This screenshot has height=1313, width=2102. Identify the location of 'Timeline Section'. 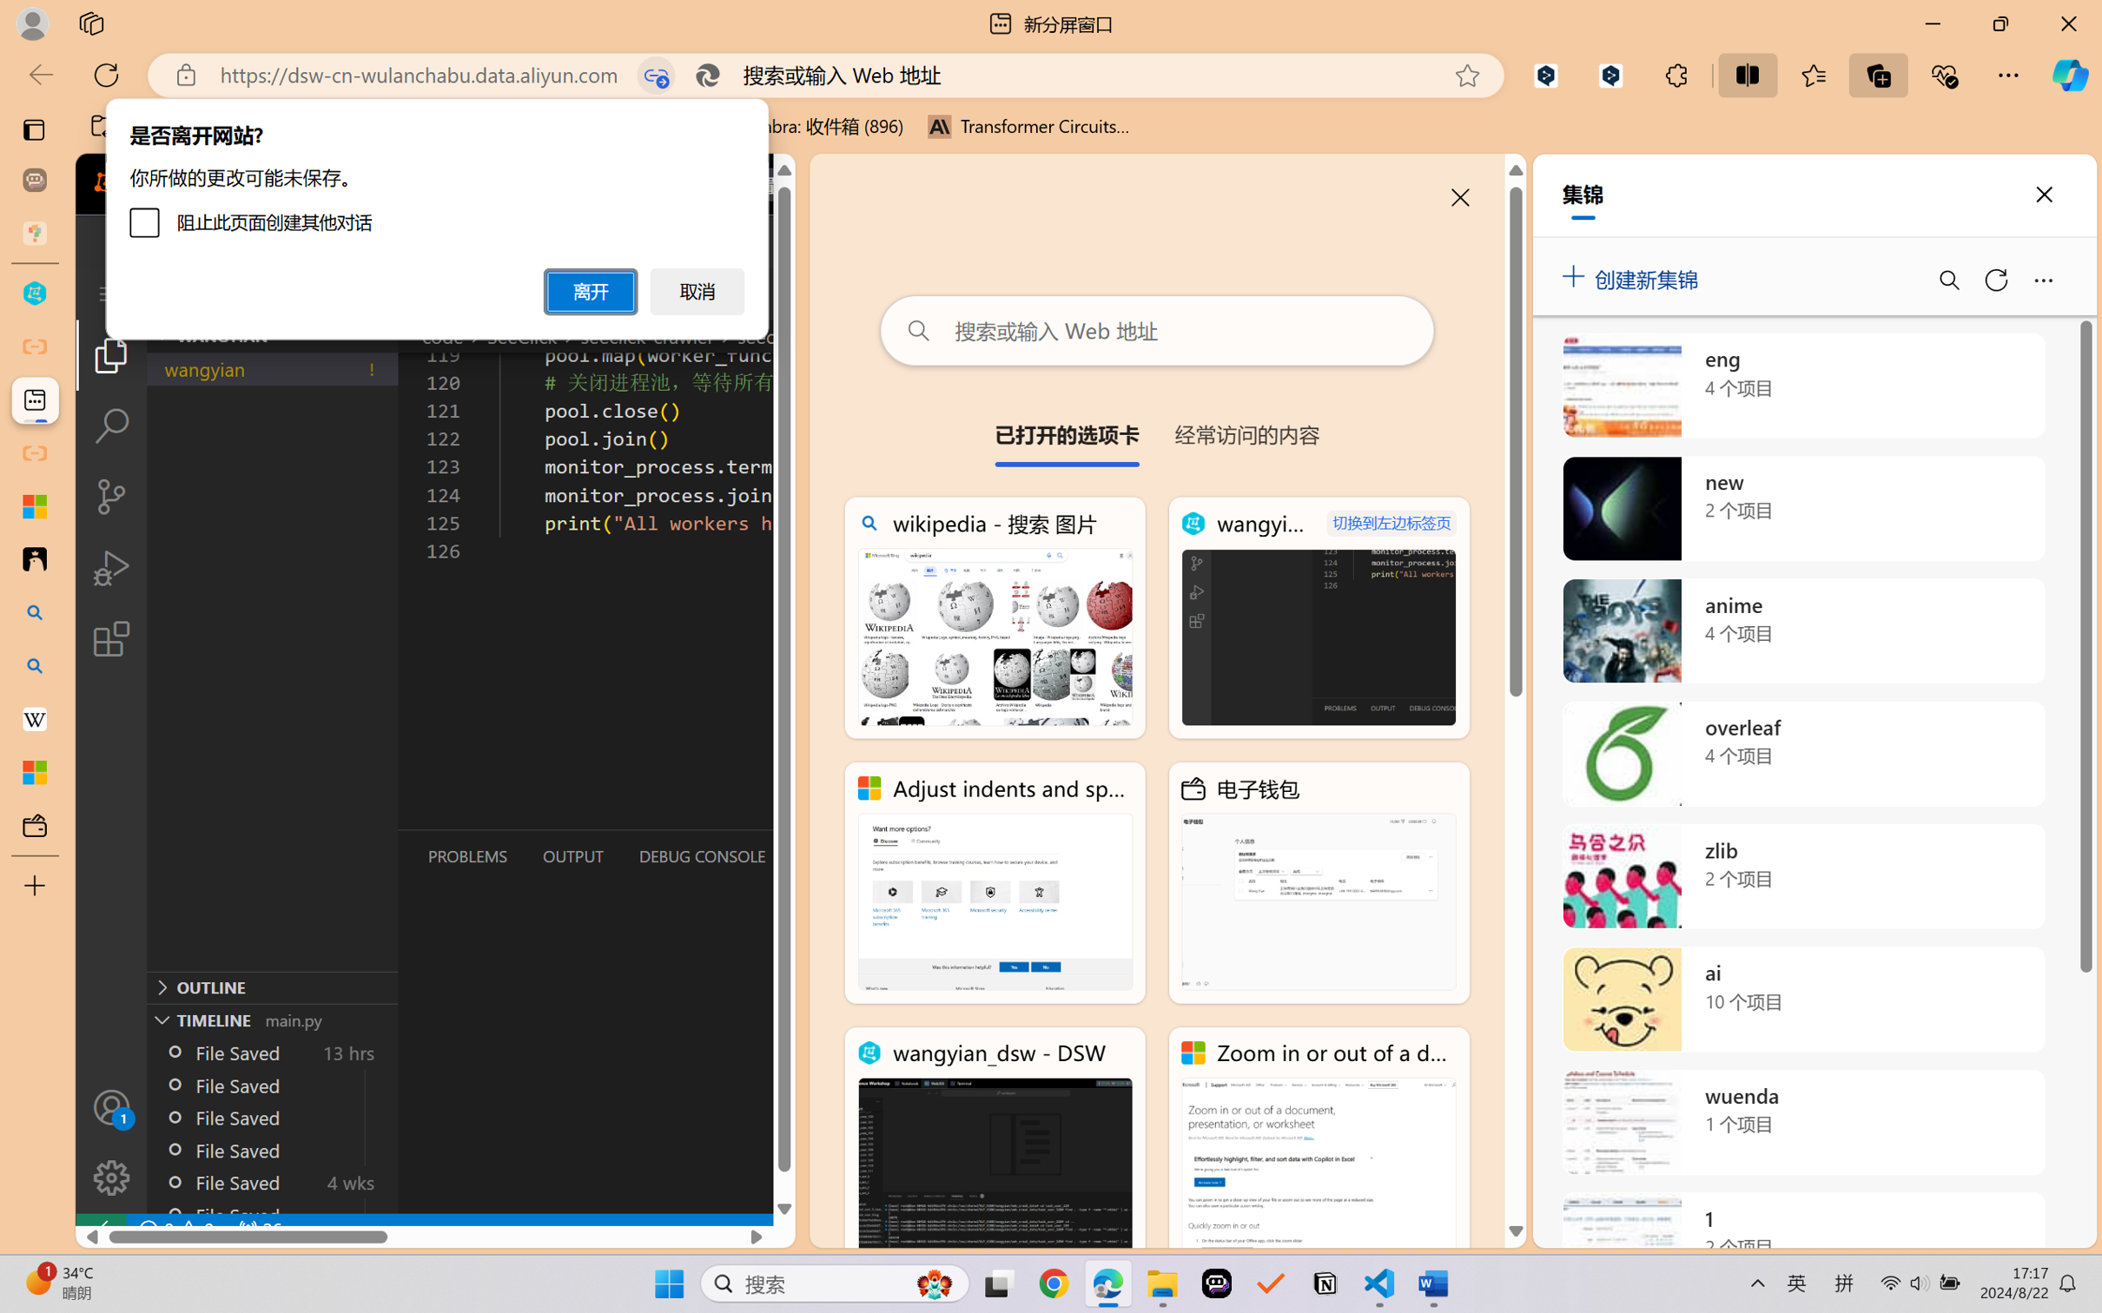
(272, 1019).